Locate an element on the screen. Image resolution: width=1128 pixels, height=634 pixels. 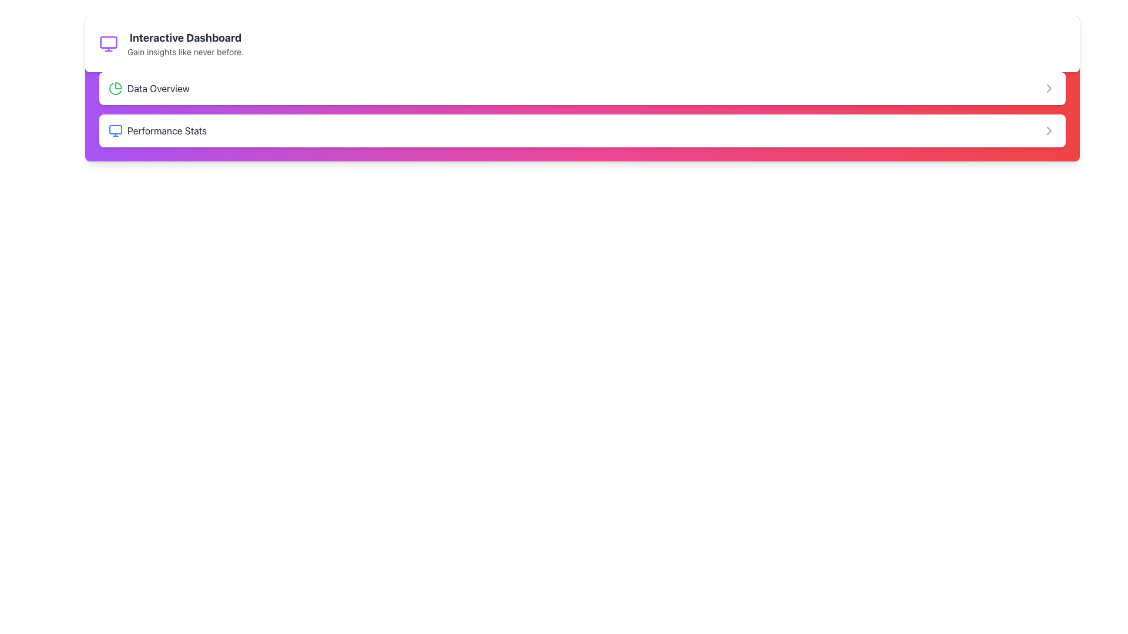
the navigation button located to the far right of the 'Performance Stats' text is located at coordinates (1049, 131).